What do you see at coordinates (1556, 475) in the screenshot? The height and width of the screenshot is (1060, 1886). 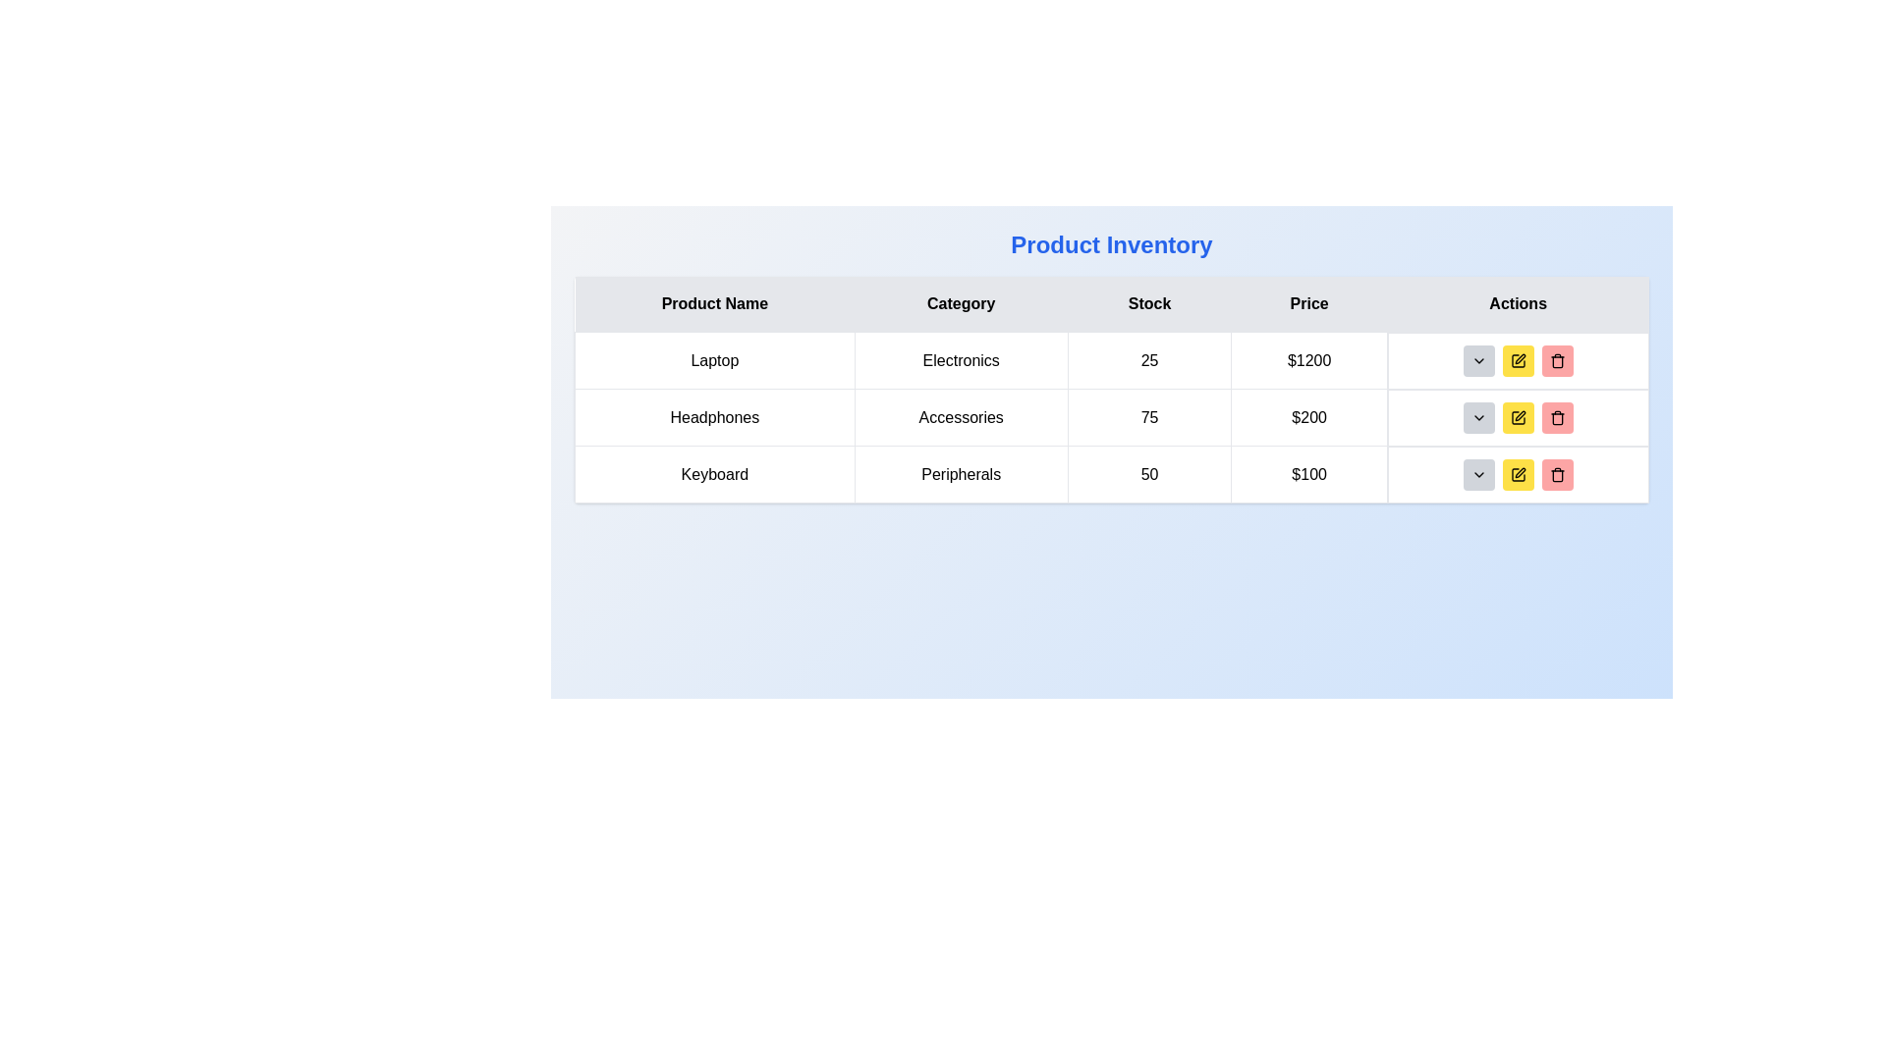 I see `the trash can icon in the 'Actions' column` at bounding box center [1556, 475].